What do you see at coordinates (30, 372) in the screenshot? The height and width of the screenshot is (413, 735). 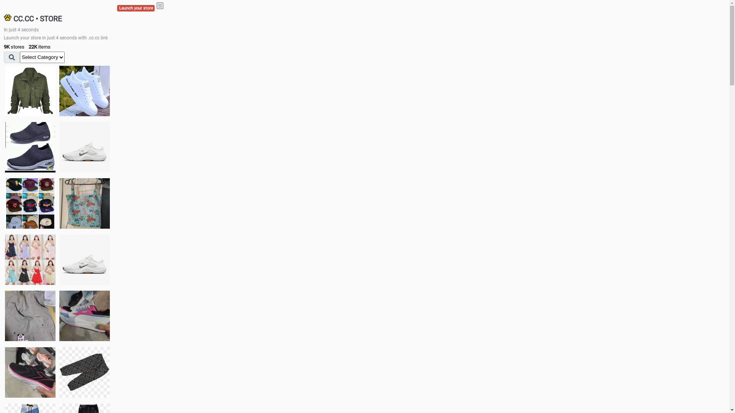 I see `'Zapatillas'` at bounding box center [30, 372].